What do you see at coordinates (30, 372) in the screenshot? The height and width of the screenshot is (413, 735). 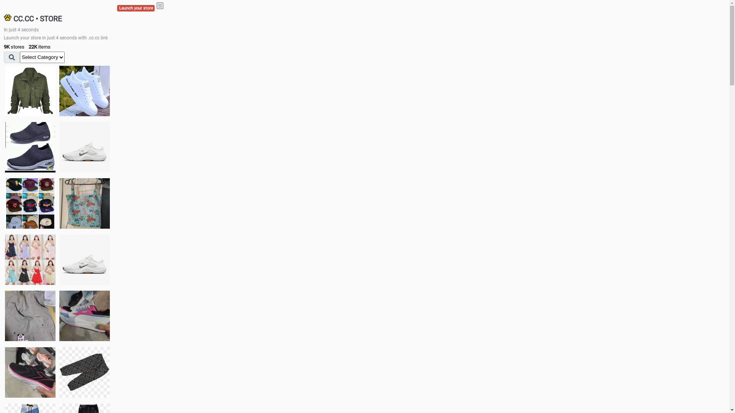 I see `'Zapatillas'` at bounding box center [30, 372].